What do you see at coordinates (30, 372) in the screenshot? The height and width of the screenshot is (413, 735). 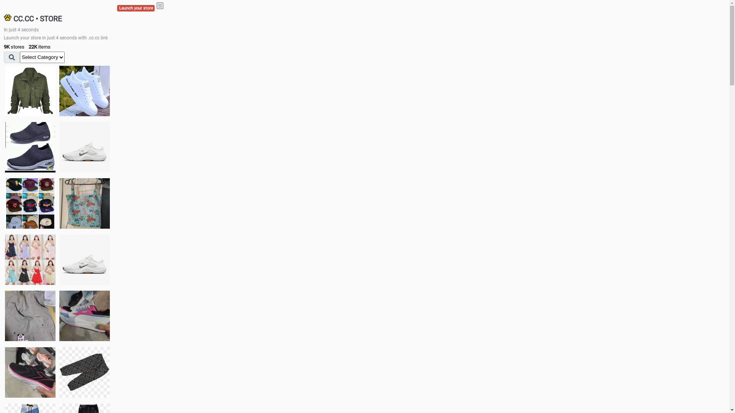 I see `'Zapatillas'` at bounding box center [30, 372].